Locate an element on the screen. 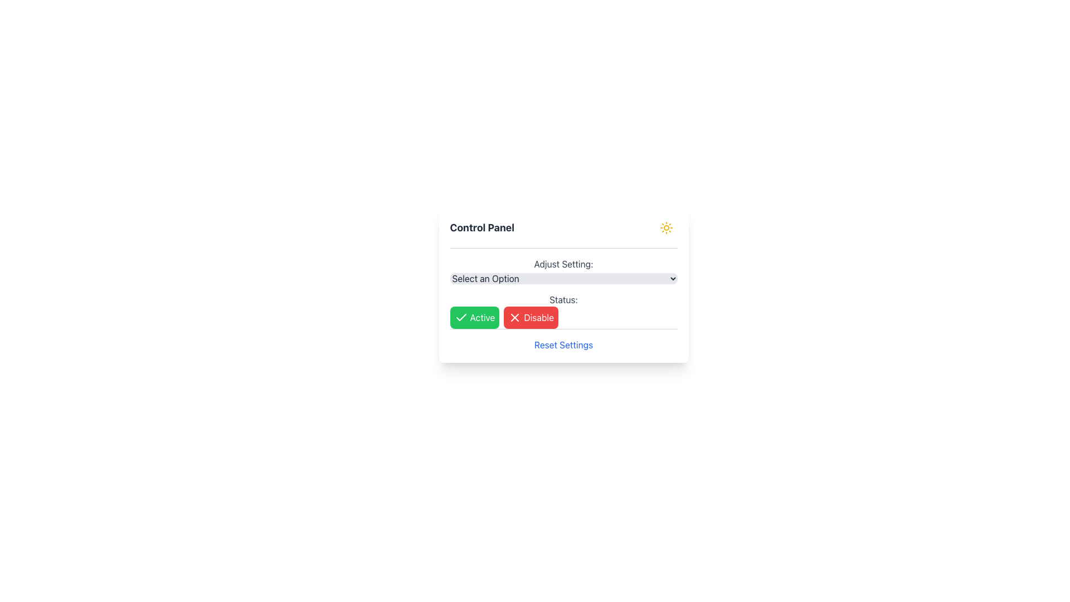 The image size is (1070, 602). an option from the 'Adjust Setting:' dropdown menu, which is located below the 'Control Panel' heading and initially displays 'Select an Option' is located at coordinates (563, 271).